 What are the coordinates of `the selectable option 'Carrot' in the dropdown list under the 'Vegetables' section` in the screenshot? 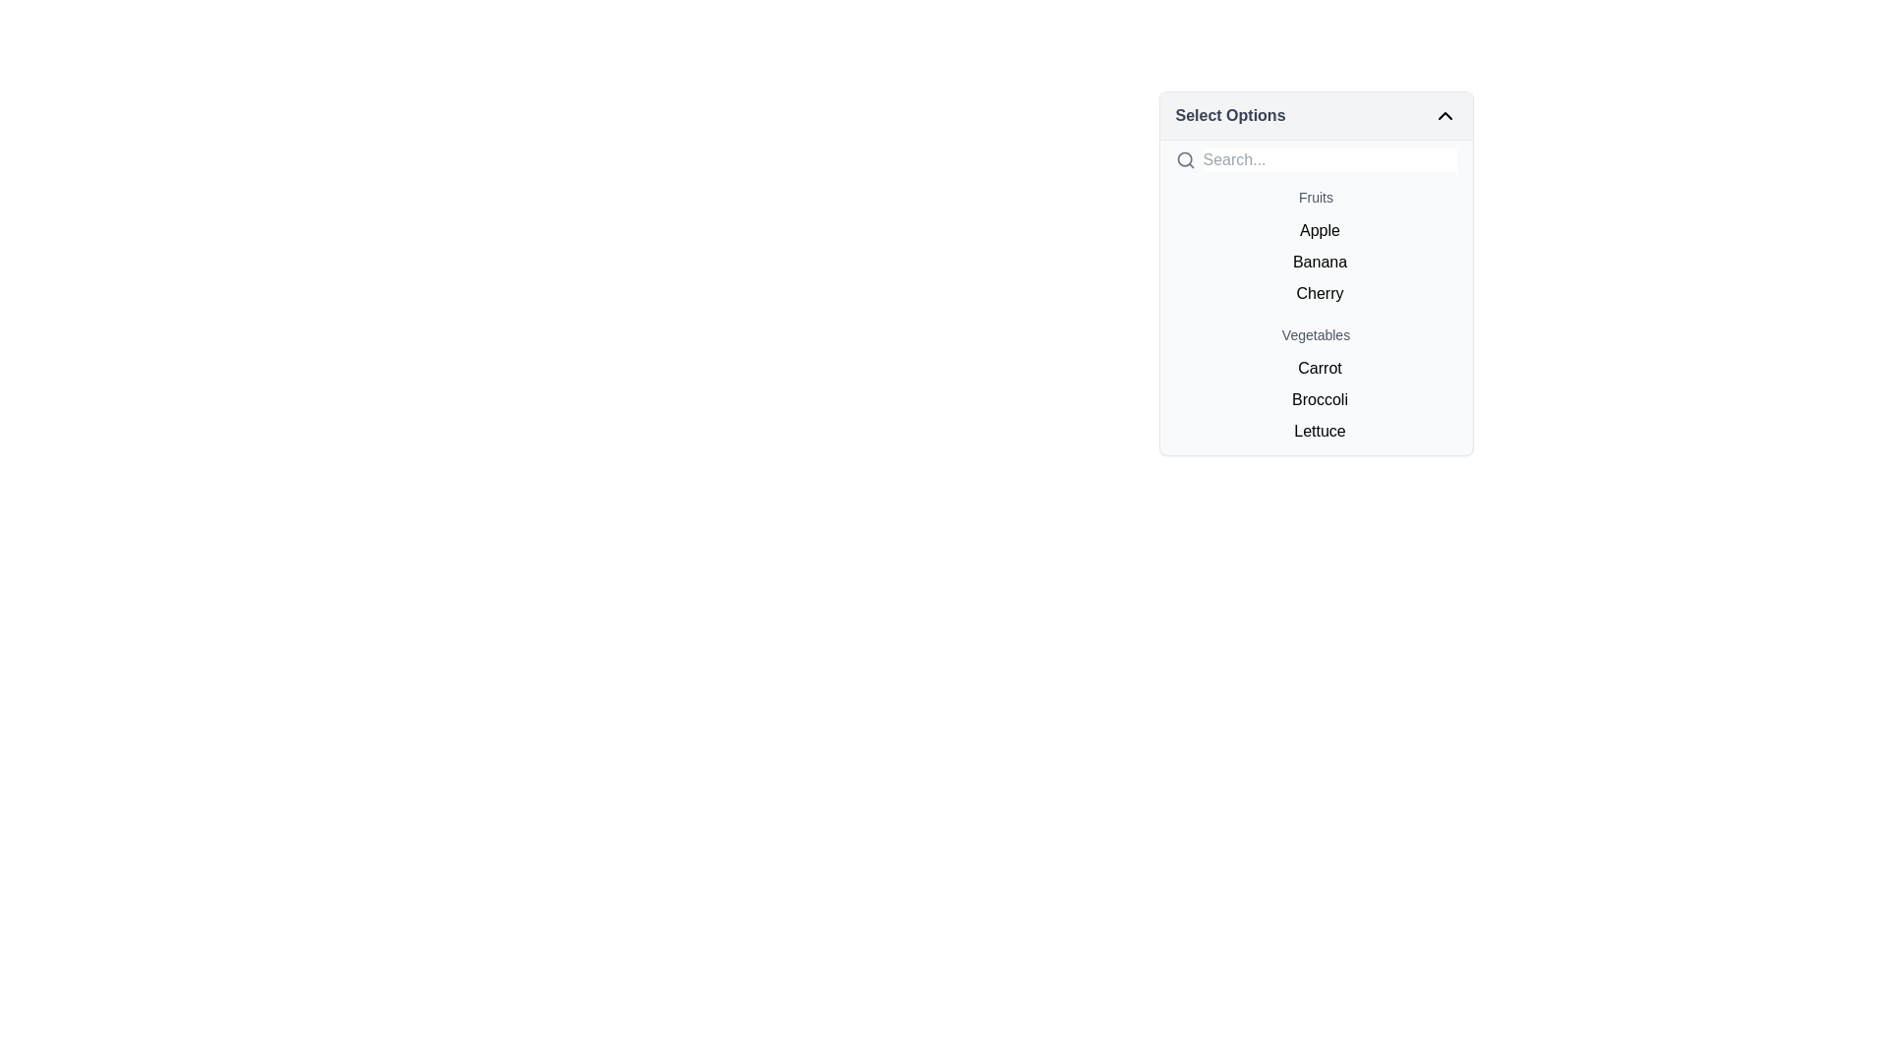 It's located at (1320, 368).